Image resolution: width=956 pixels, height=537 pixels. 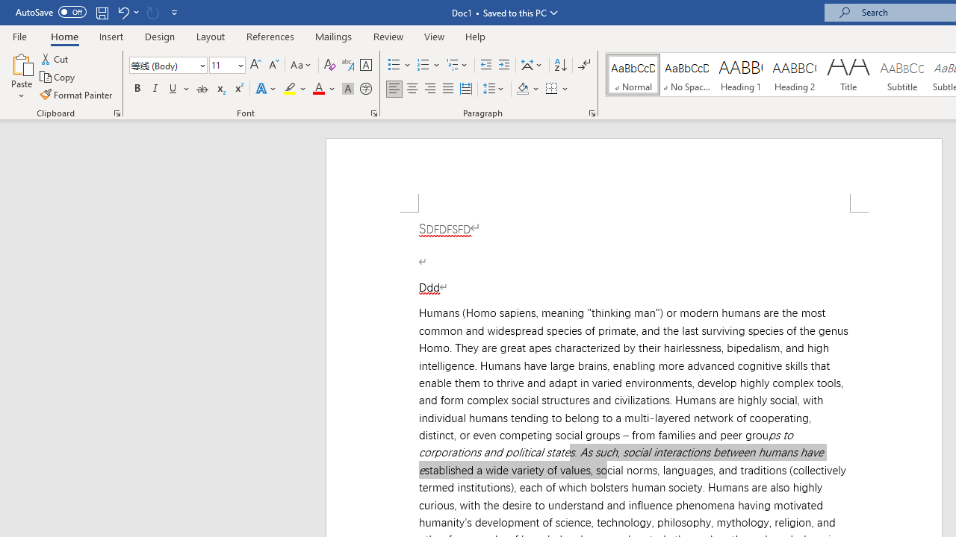 I want to click on 'Layout', so click(x=210, y=36).